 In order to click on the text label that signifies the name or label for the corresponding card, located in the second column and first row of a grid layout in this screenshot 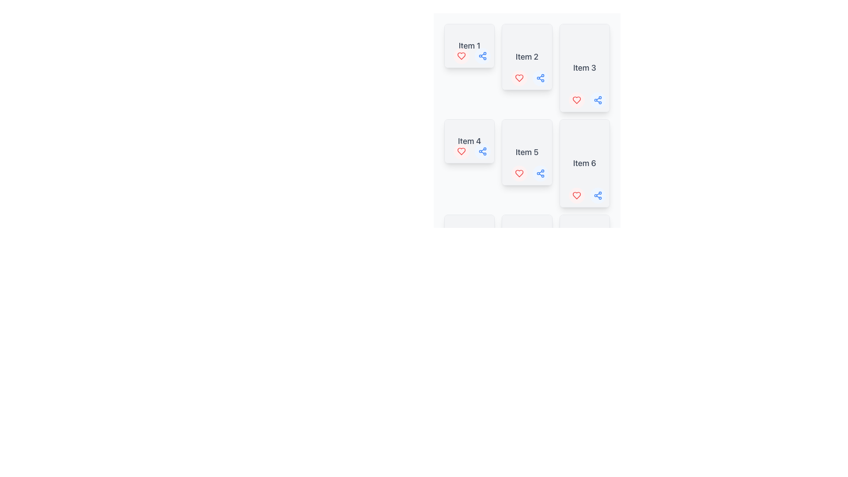, I will do `click(527, 57)`.